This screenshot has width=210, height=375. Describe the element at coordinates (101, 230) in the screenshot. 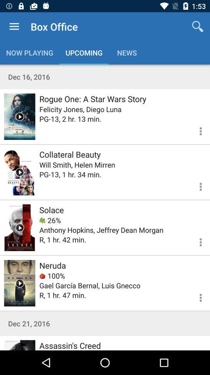

I see `the anthony hopkins jeffrey` at that location.